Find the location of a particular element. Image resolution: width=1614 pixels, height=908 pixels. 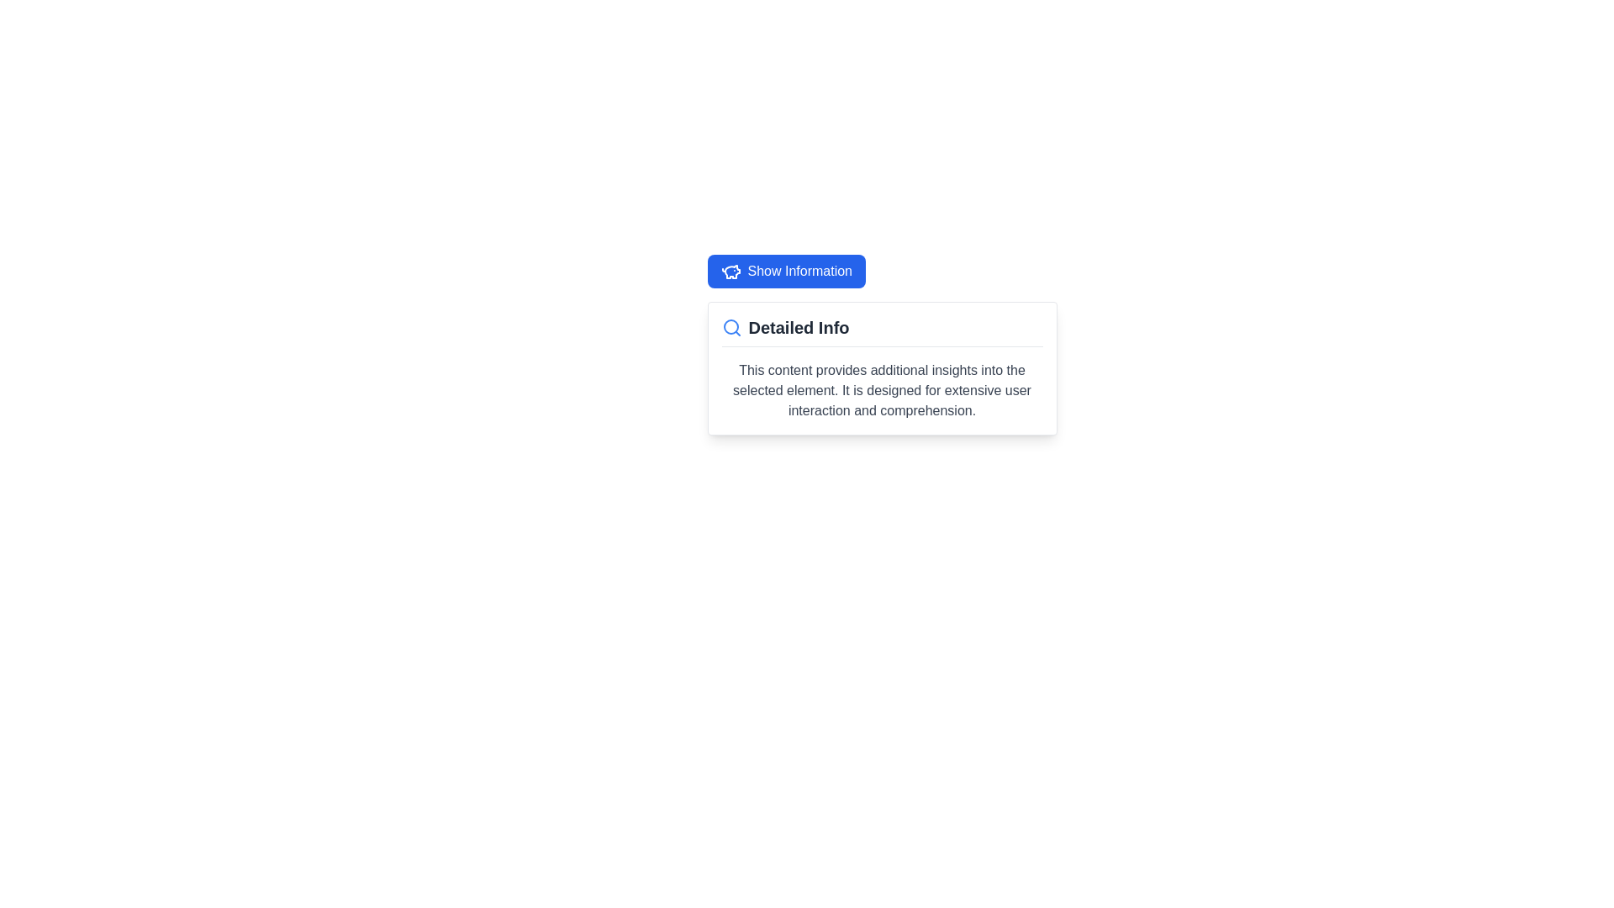

decorative icon representing savings located to the left of the 'Show Information' button is located at coordinates (731, 271).